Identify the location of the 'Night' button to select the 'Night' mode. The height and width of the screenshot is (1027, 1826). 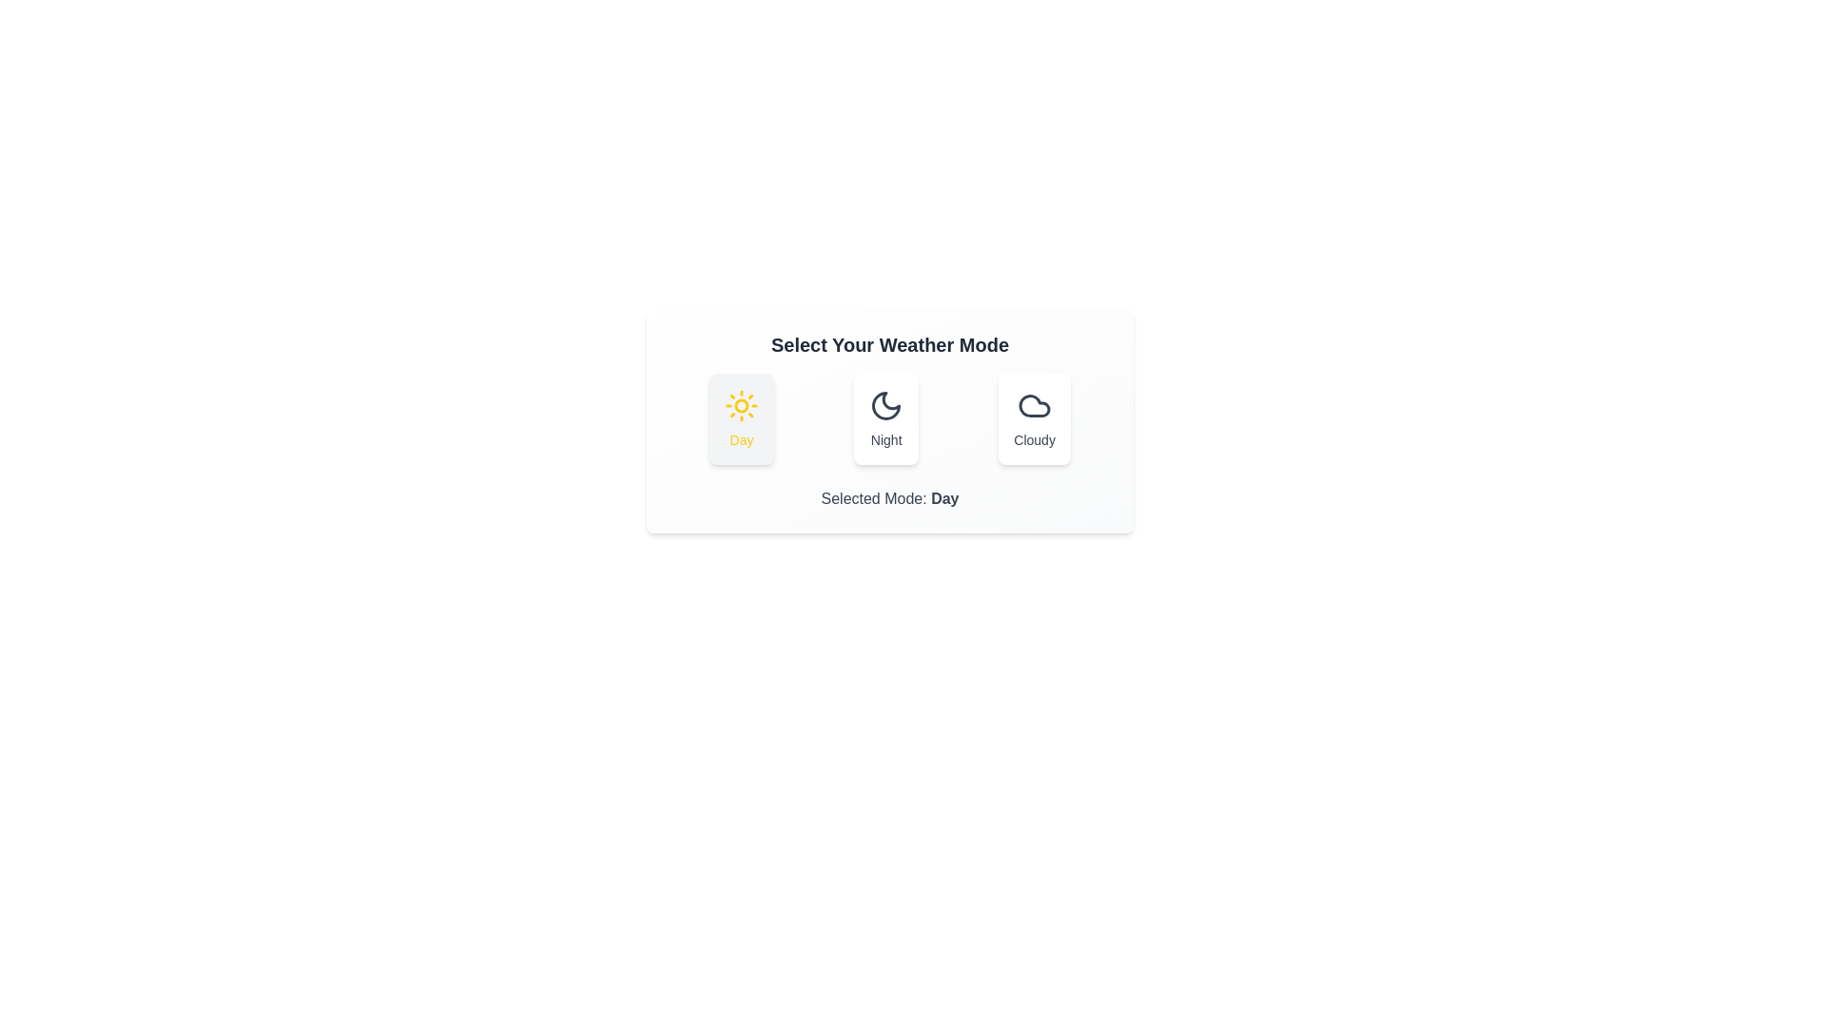
(884, 417).